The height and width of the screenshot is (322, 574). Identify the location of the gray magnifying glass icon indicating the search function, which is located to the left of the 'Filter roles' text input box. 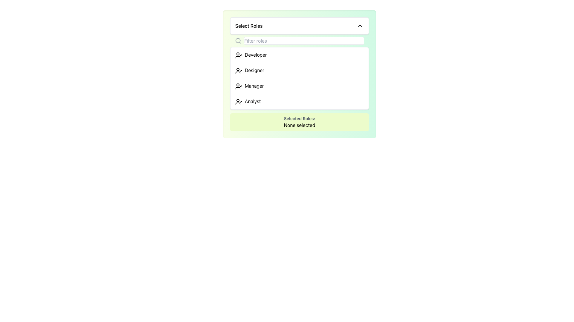
(238, 41).